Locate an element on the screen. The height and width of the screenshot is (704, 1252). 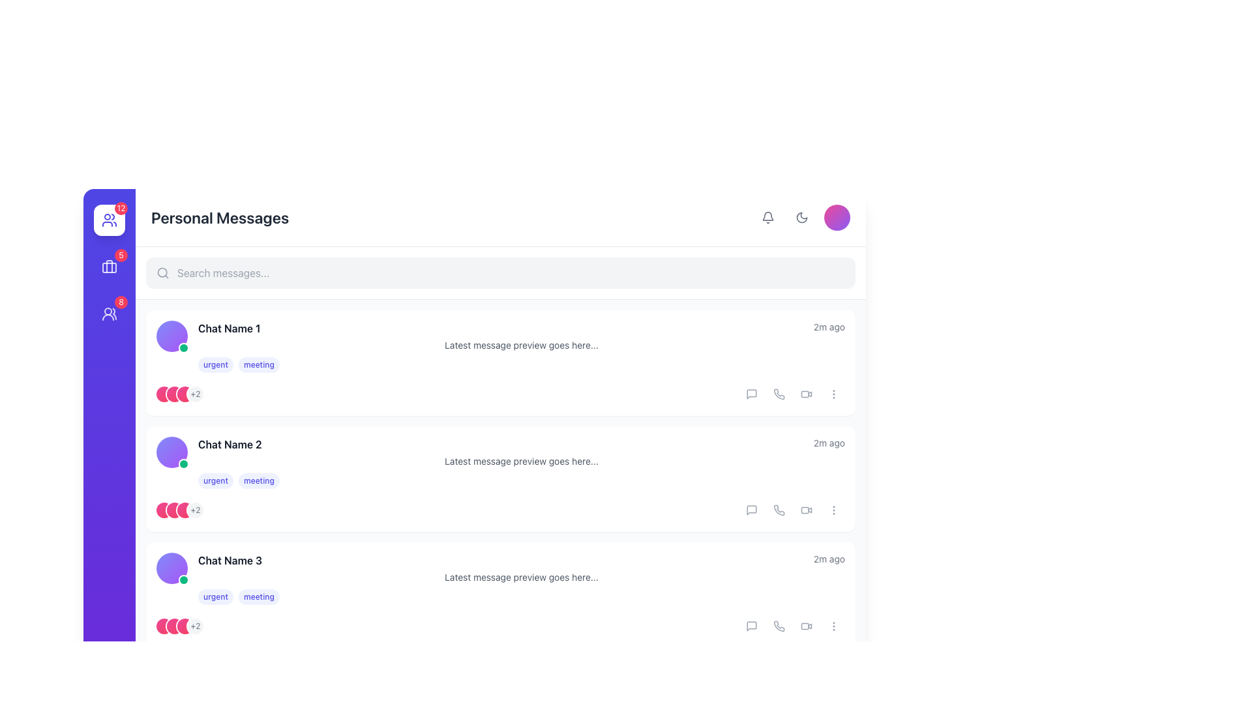
the third graphical icon or decorative circle located below the 'Chat Name 2' section and to the left of the '+2' label is located at coordinates (184, 510).